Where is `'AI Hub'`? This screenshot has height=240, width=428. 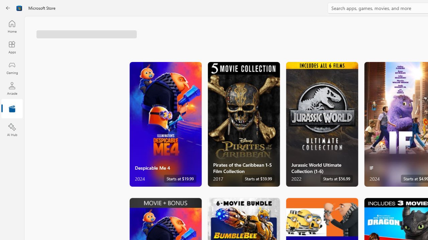 'AI Hub' is located at coordinates (12, 130).